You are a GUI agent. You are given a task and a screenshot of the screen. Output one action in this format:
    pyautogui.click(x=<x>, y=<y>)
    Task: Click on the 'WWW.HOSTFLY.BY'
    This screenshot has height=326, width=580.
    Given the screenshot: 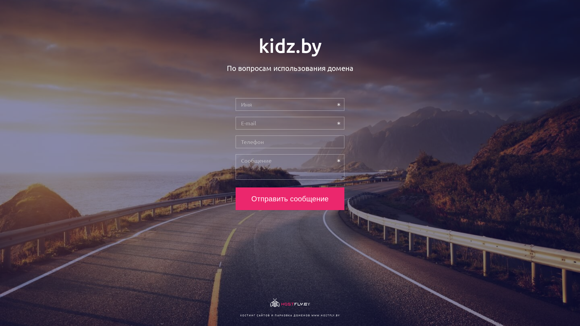 What is the action you would take?
    pyautogui.click(x=325, y=315)
    